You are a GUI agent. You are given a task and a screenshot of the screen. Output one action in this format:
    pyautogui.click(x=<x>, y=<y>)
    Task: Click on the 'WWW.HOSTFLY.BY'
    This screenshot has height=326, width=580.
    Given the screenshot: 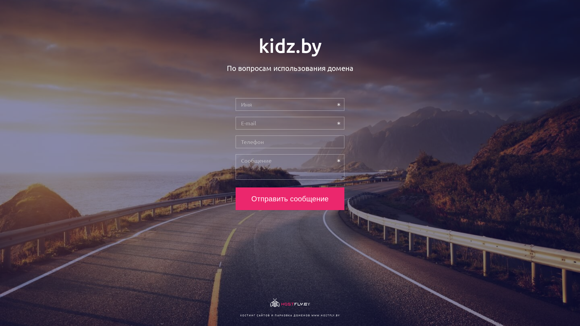 What is the action you would take?
    pyautogui.click(x=325, y=315)
    